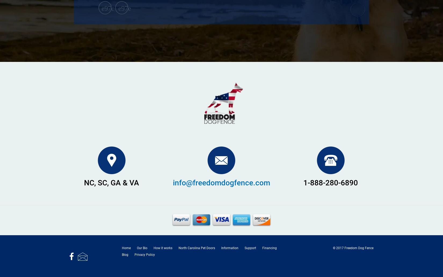 The width and height of the screenshot is (443, 277). I want to click on 'Blog', so click(125, 254).